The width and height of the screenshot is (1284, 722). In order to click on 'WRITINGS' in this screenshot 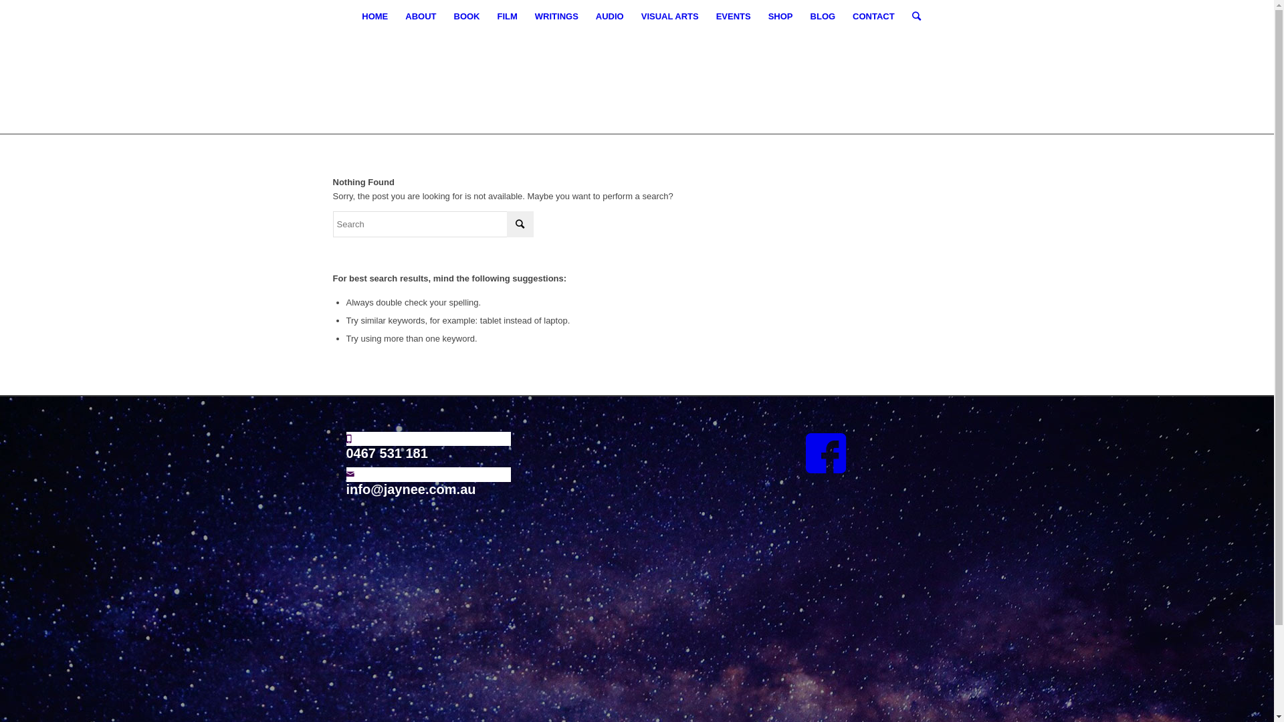, I will do `click(556, 16)`.